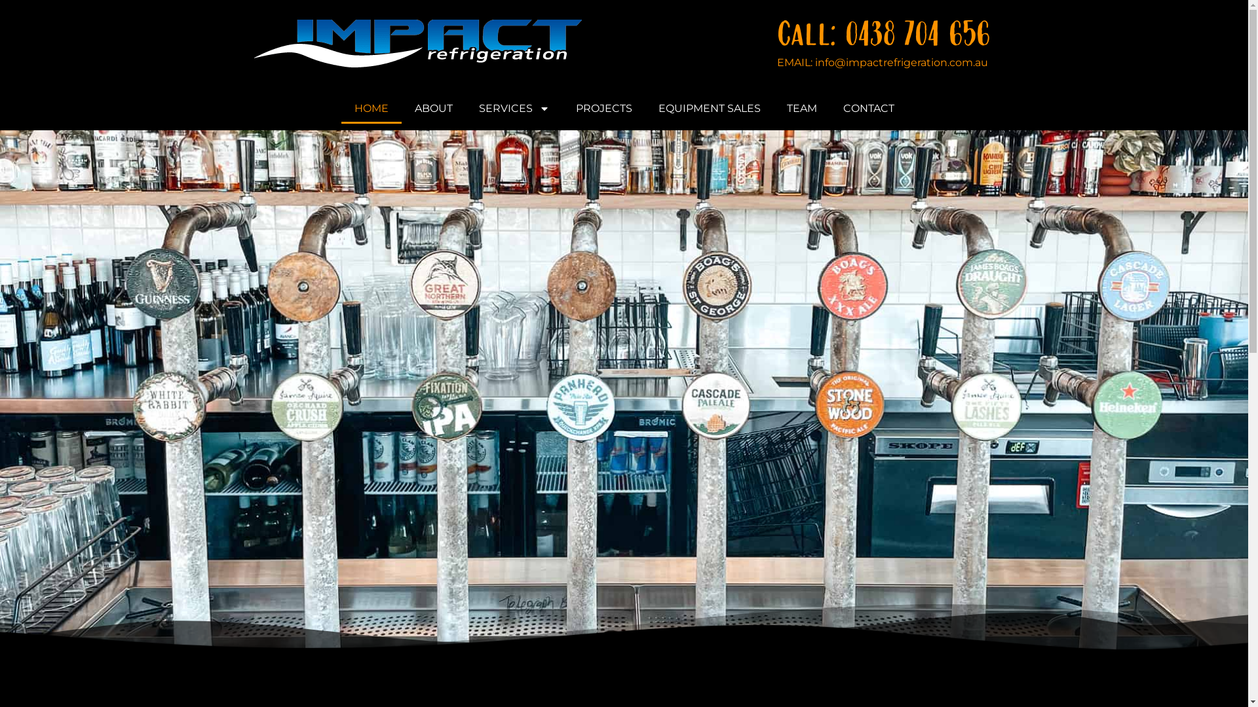 Image resolution: width=1258 pixels, height=707 pixels. What do you see at coordinates (917, 34) in the screenshot?
I see `'0438 704 656'` at bounding box center [917, 34].